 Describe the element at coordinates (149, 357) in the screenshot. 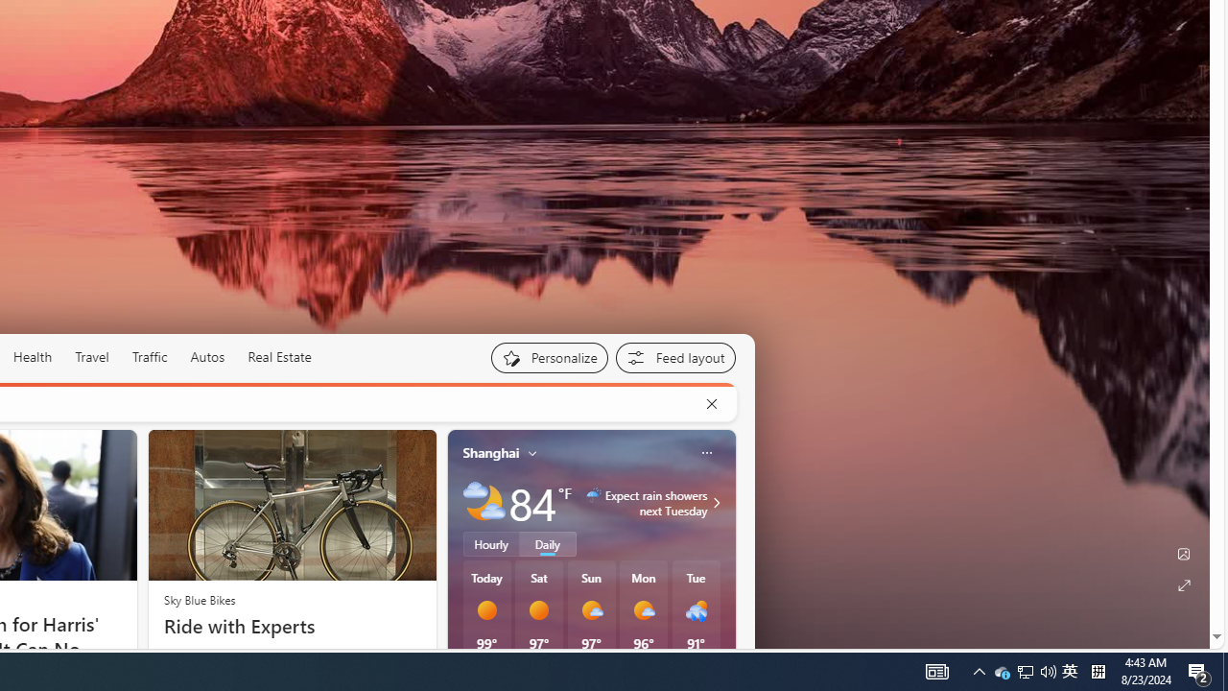

I see `'Traffic'` at that location.